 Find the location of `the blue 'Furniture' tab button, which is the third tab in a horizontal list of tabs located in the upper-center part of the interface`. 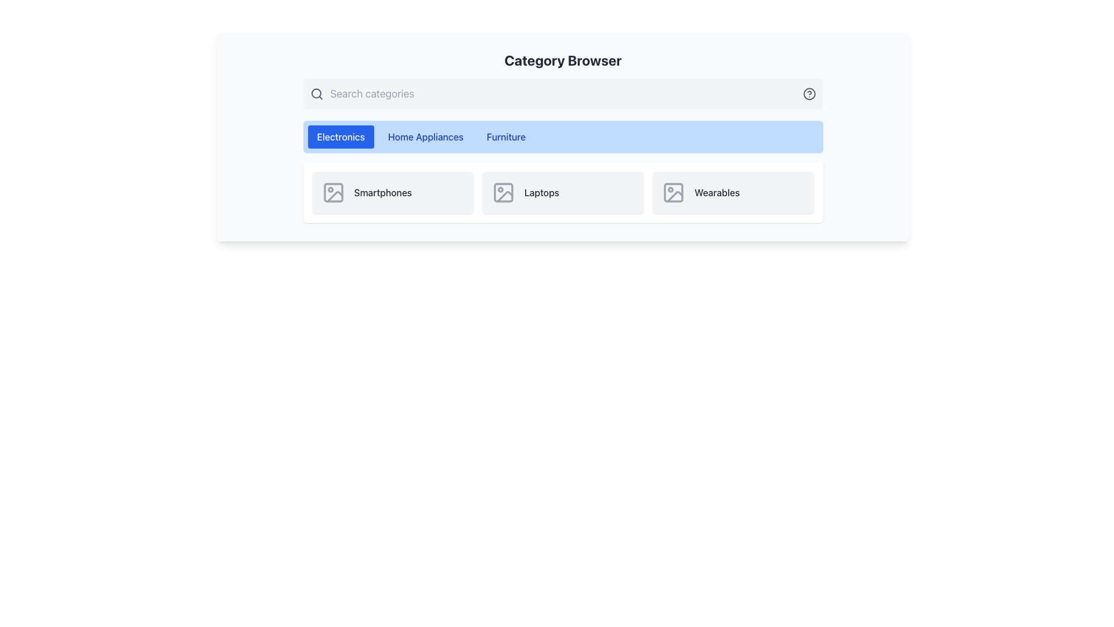

the blue 'Furniture' tab button, which is the third tab in a horizontal list of tabs located in the upper-center part of the interface is located at coordinates (506, 136).